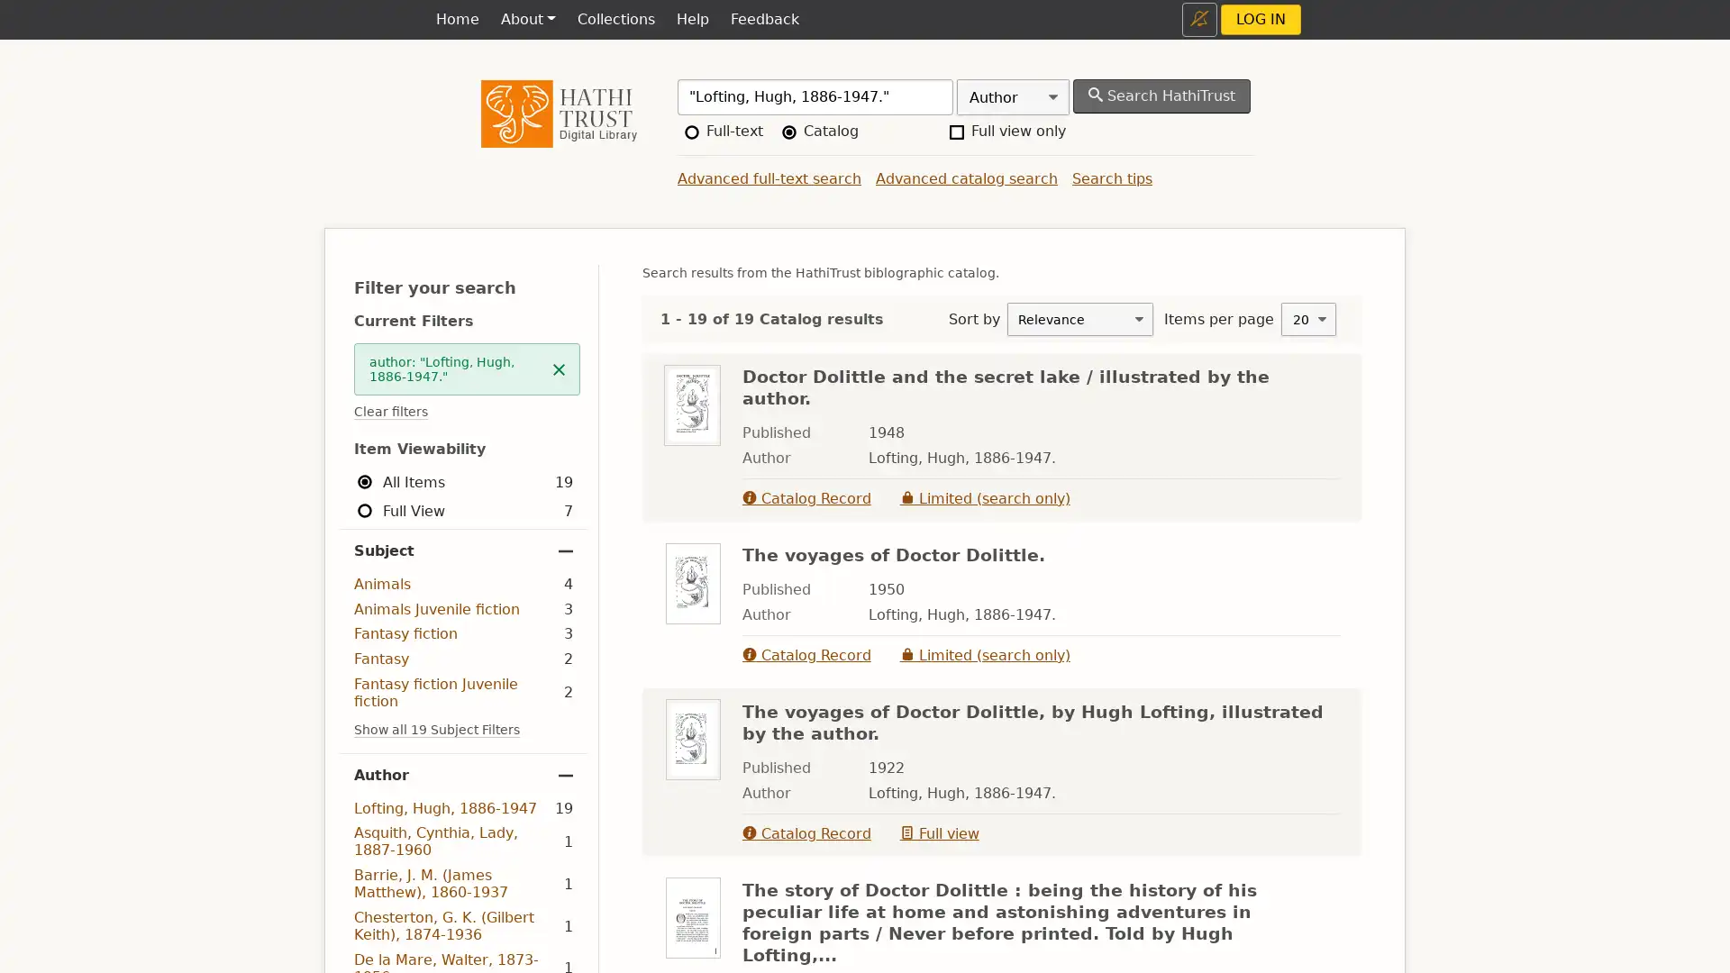  Describe the element at coordinates (463, 774) in the screenshot. I see `Author` at that location.